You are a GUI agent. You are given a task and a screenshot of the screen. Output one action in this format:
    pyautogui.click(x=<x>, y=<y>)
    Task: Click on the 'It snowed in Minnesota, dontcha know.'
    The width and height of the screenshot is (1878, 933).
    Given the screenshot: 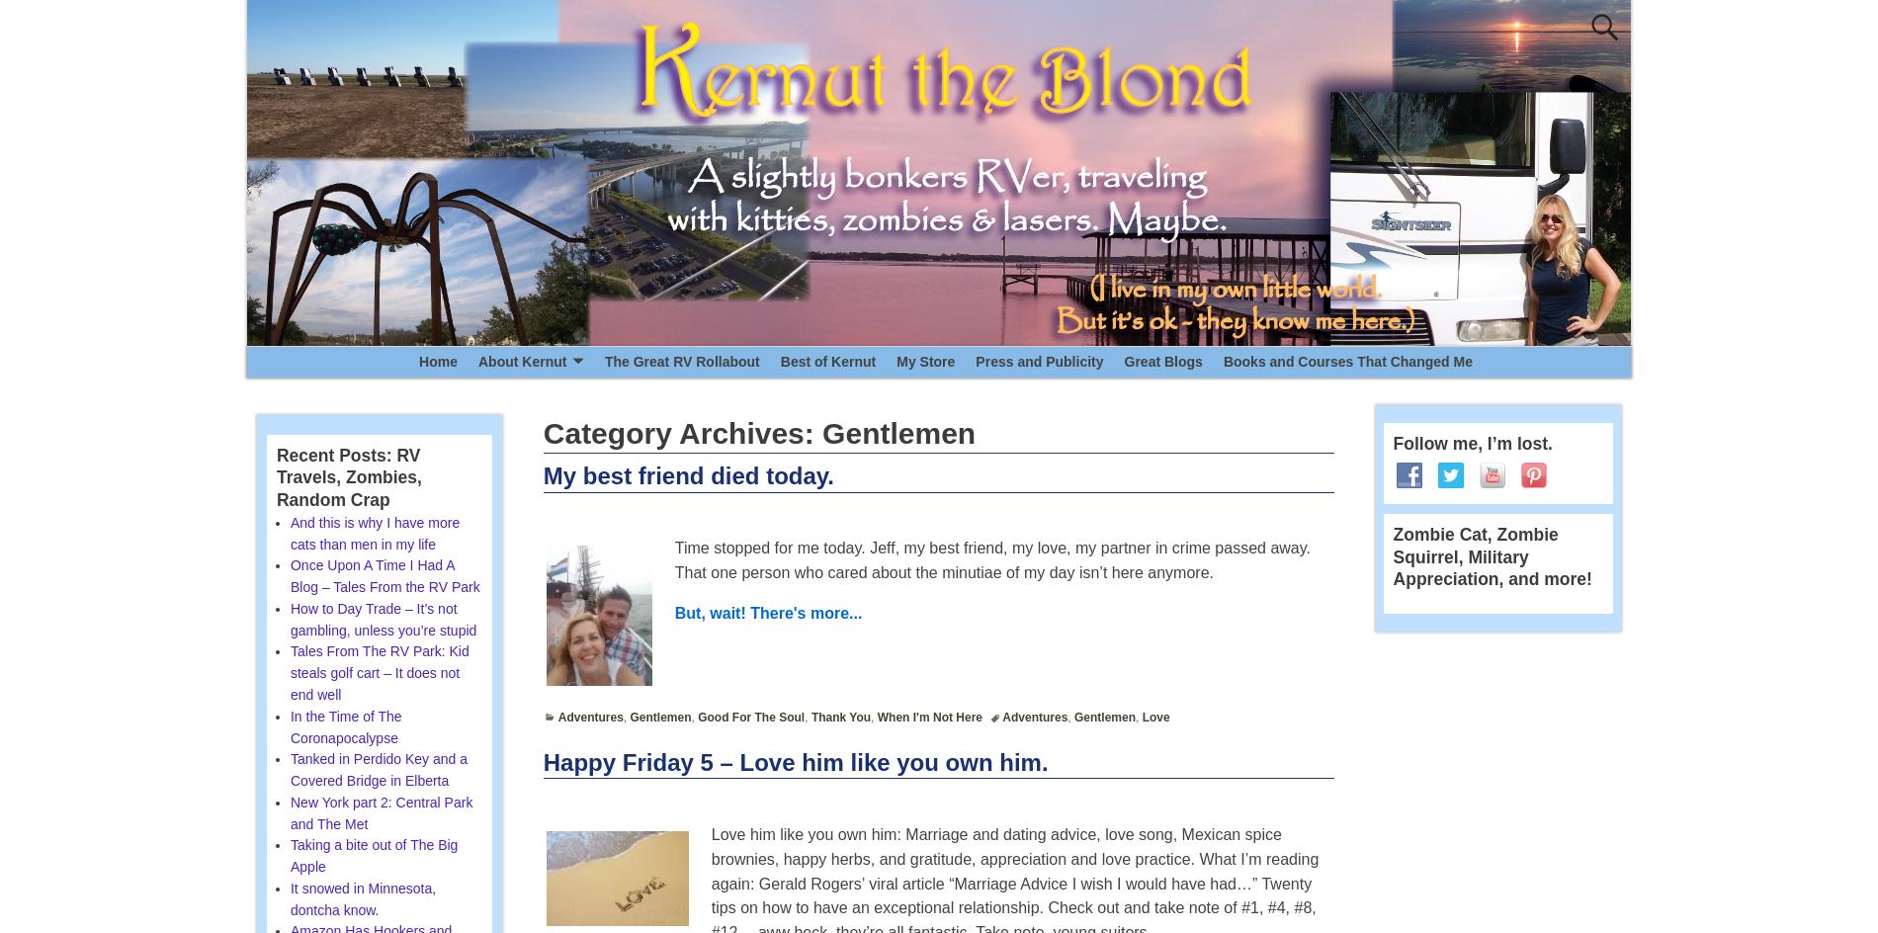 What is the action you would take?
    pyautogui.click(x=362, y=896)
    